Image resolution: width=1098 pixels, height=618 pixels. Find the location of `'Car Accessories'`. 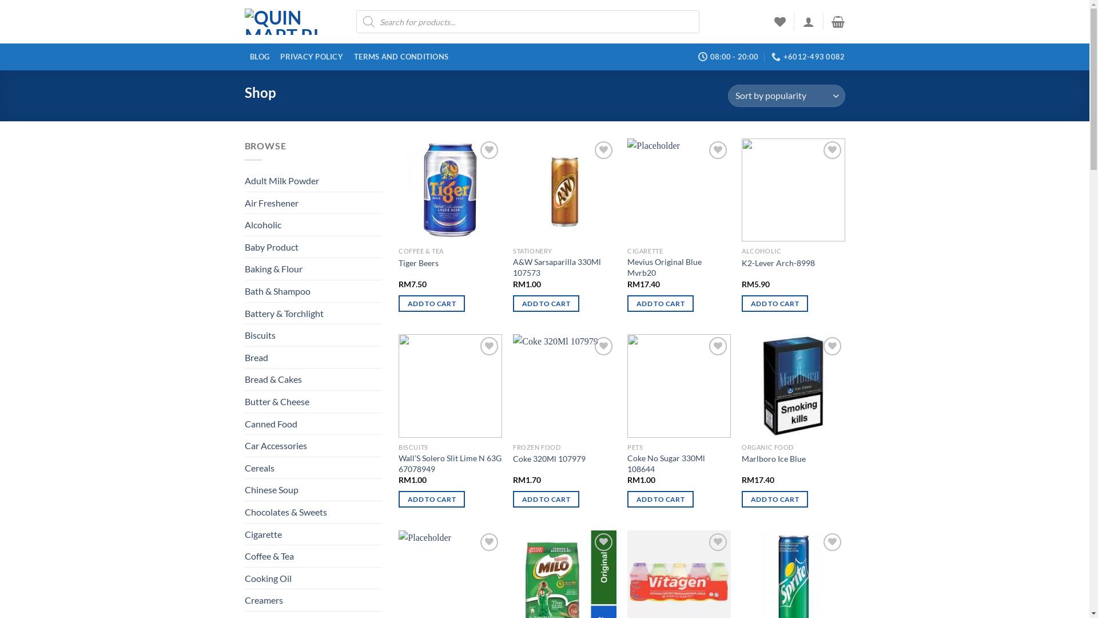

'Car Accessories' is located at coordinates (313, 445).